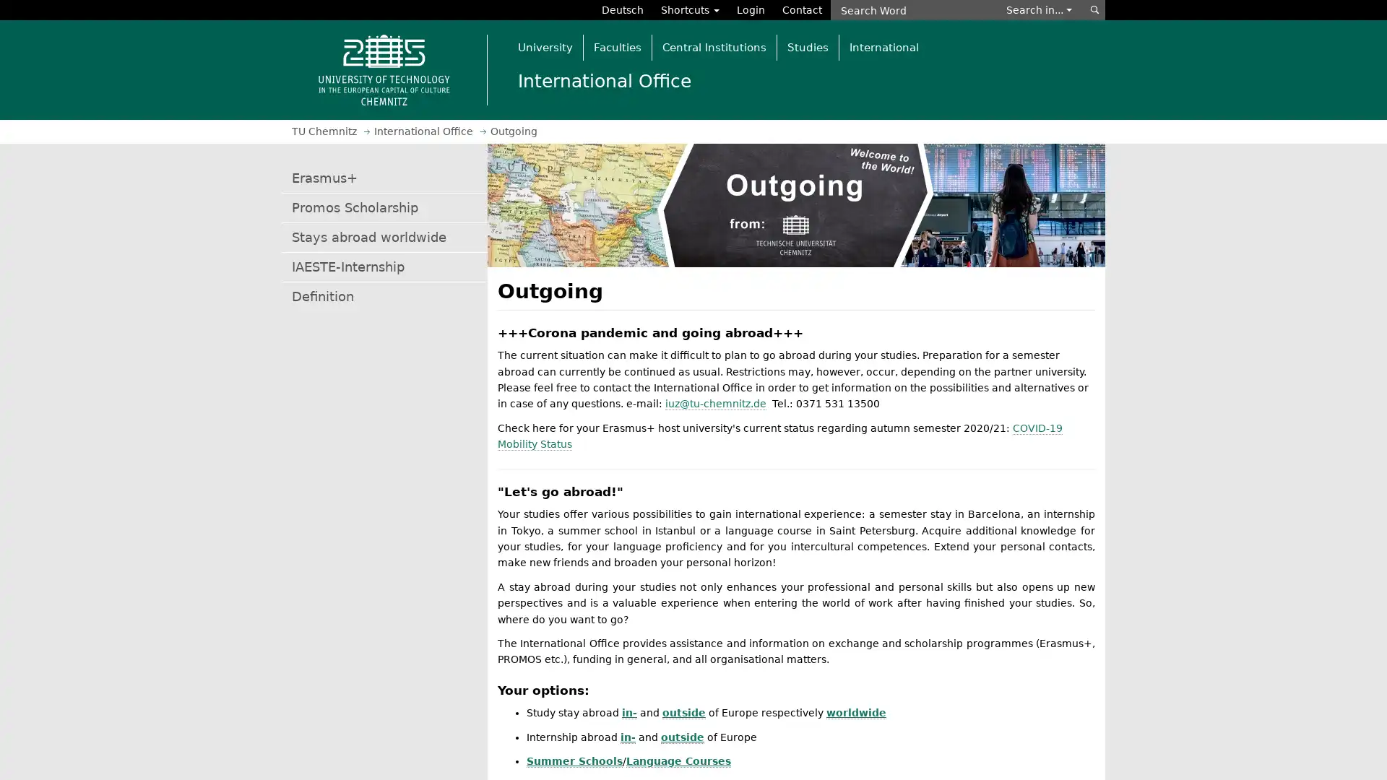 The height and width of the screenshot is (780, 1387). What do you see at coordinates (544, 46) in the screenshot?
I see `University` at bounding box center [544, 46].